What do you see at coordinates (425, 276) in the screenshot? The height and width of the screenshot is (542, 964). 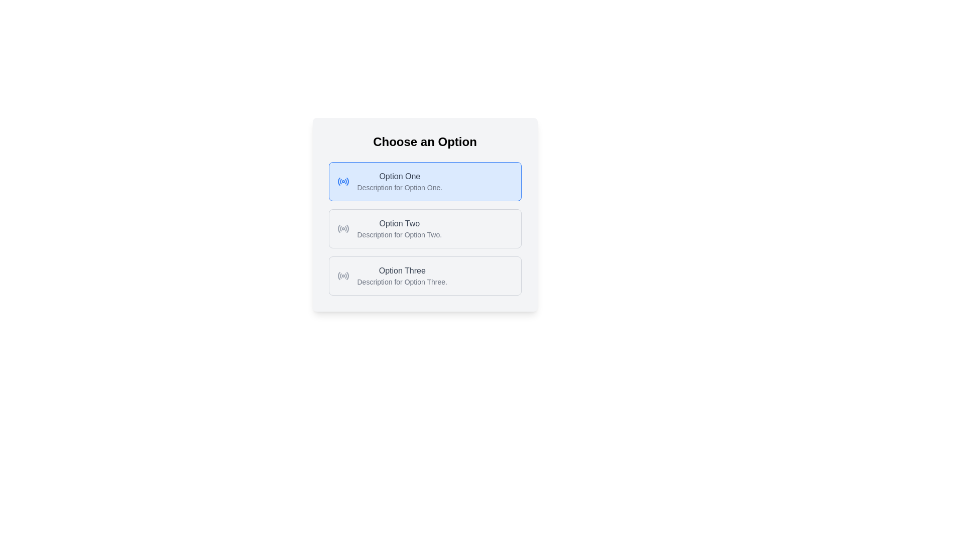 I see `the radio button labeled 'Option Three'` at bounding box center [425, 276].